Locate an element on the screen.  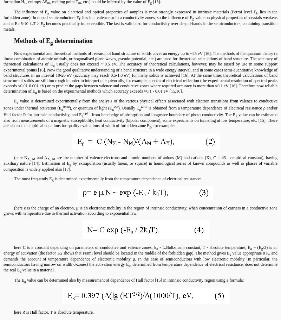
'- from band edge of absorption and longwave boundary of photo-conductivity. The E' is located at coordinates (161, 114).